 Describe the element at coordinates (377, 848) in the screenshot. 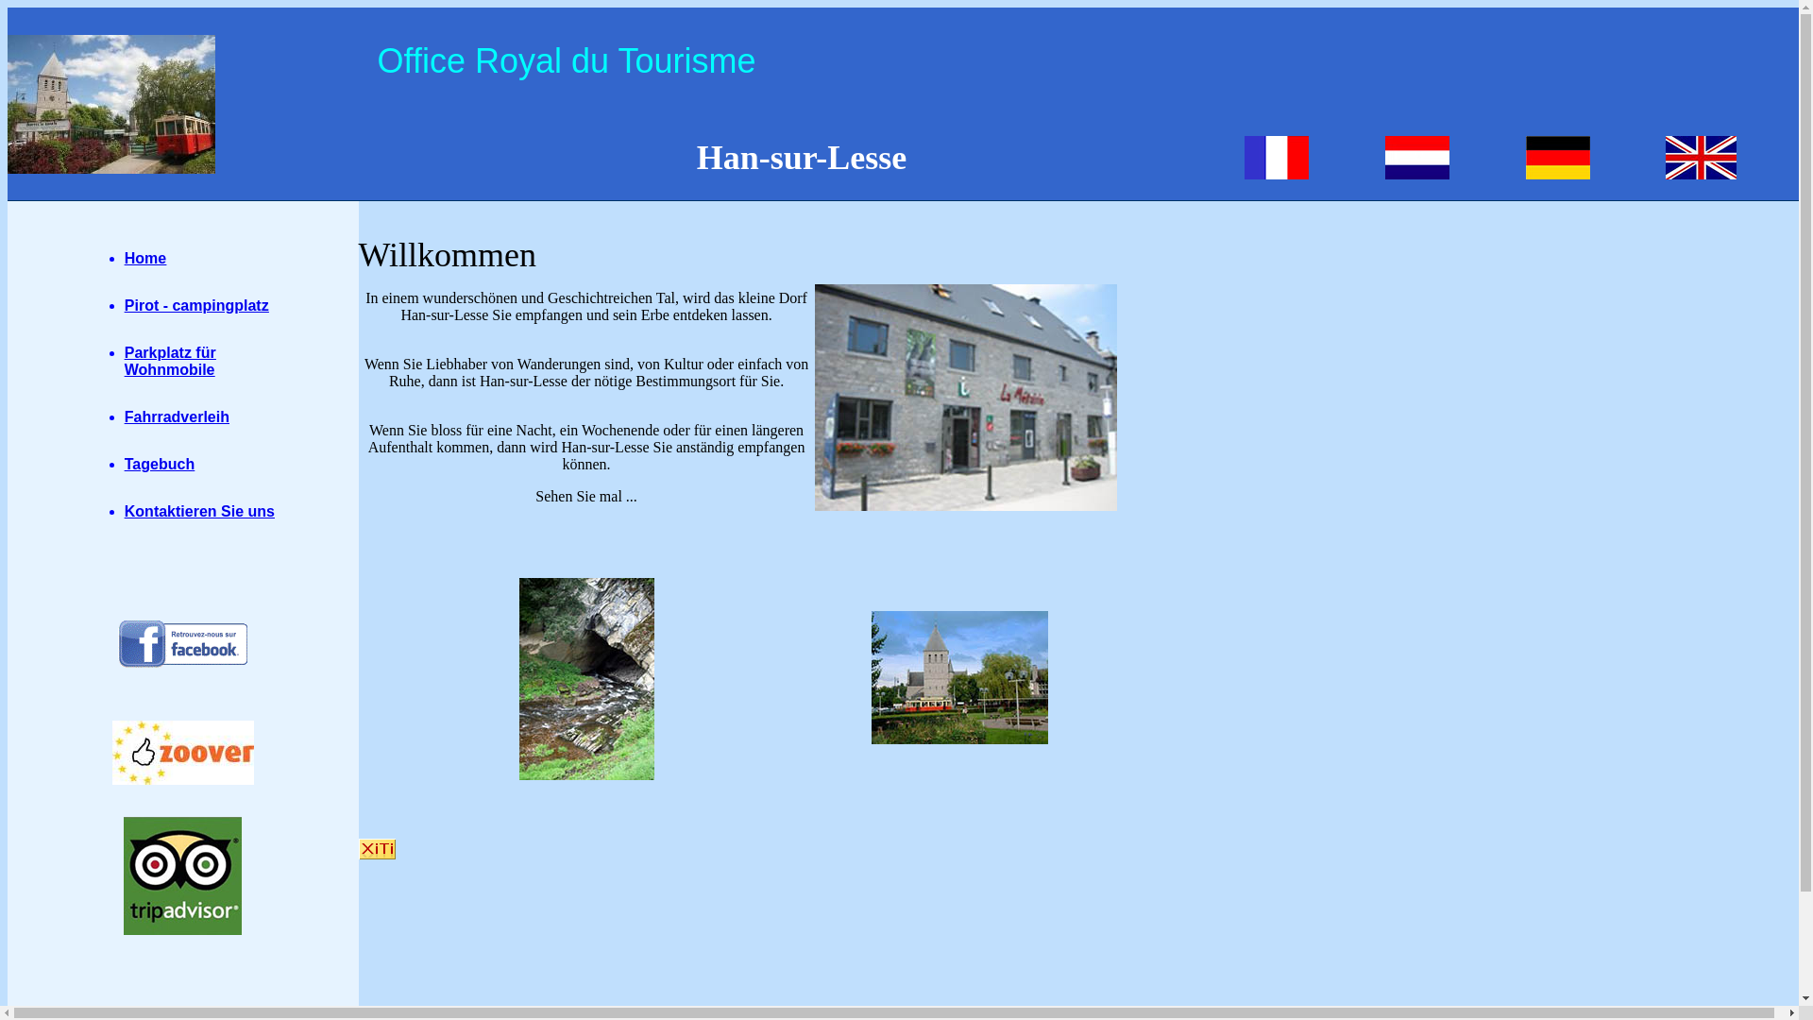

I see `'Internet Audience'` at that location.